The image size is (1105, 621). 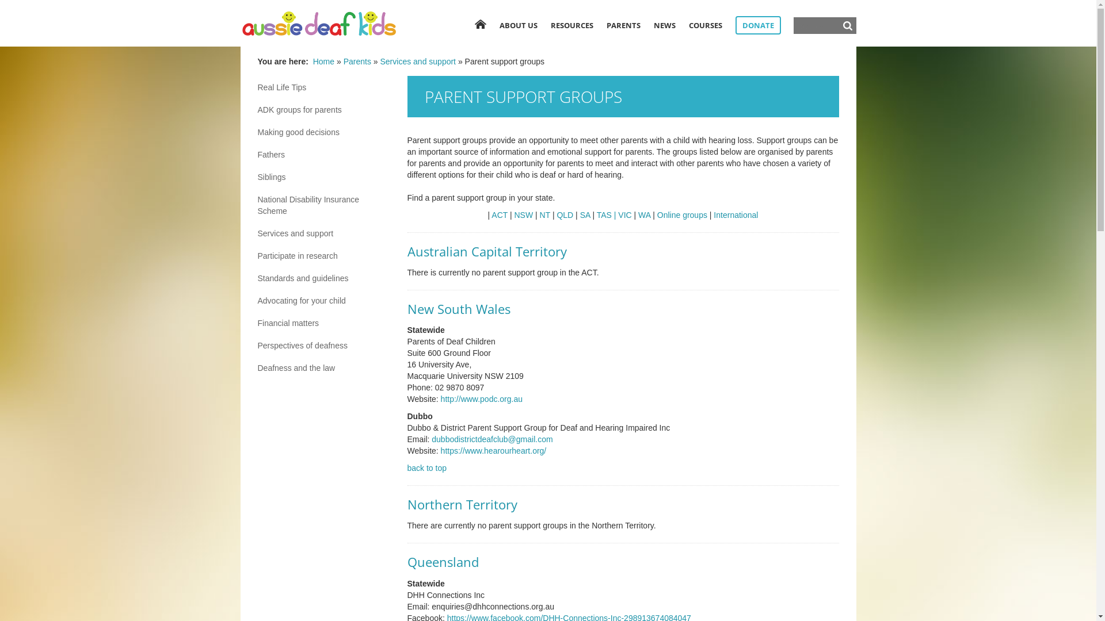 What do you see at coordinates (426, 467) in the screenshot?
I see `'back to top'` at bounding box center [426, 467].